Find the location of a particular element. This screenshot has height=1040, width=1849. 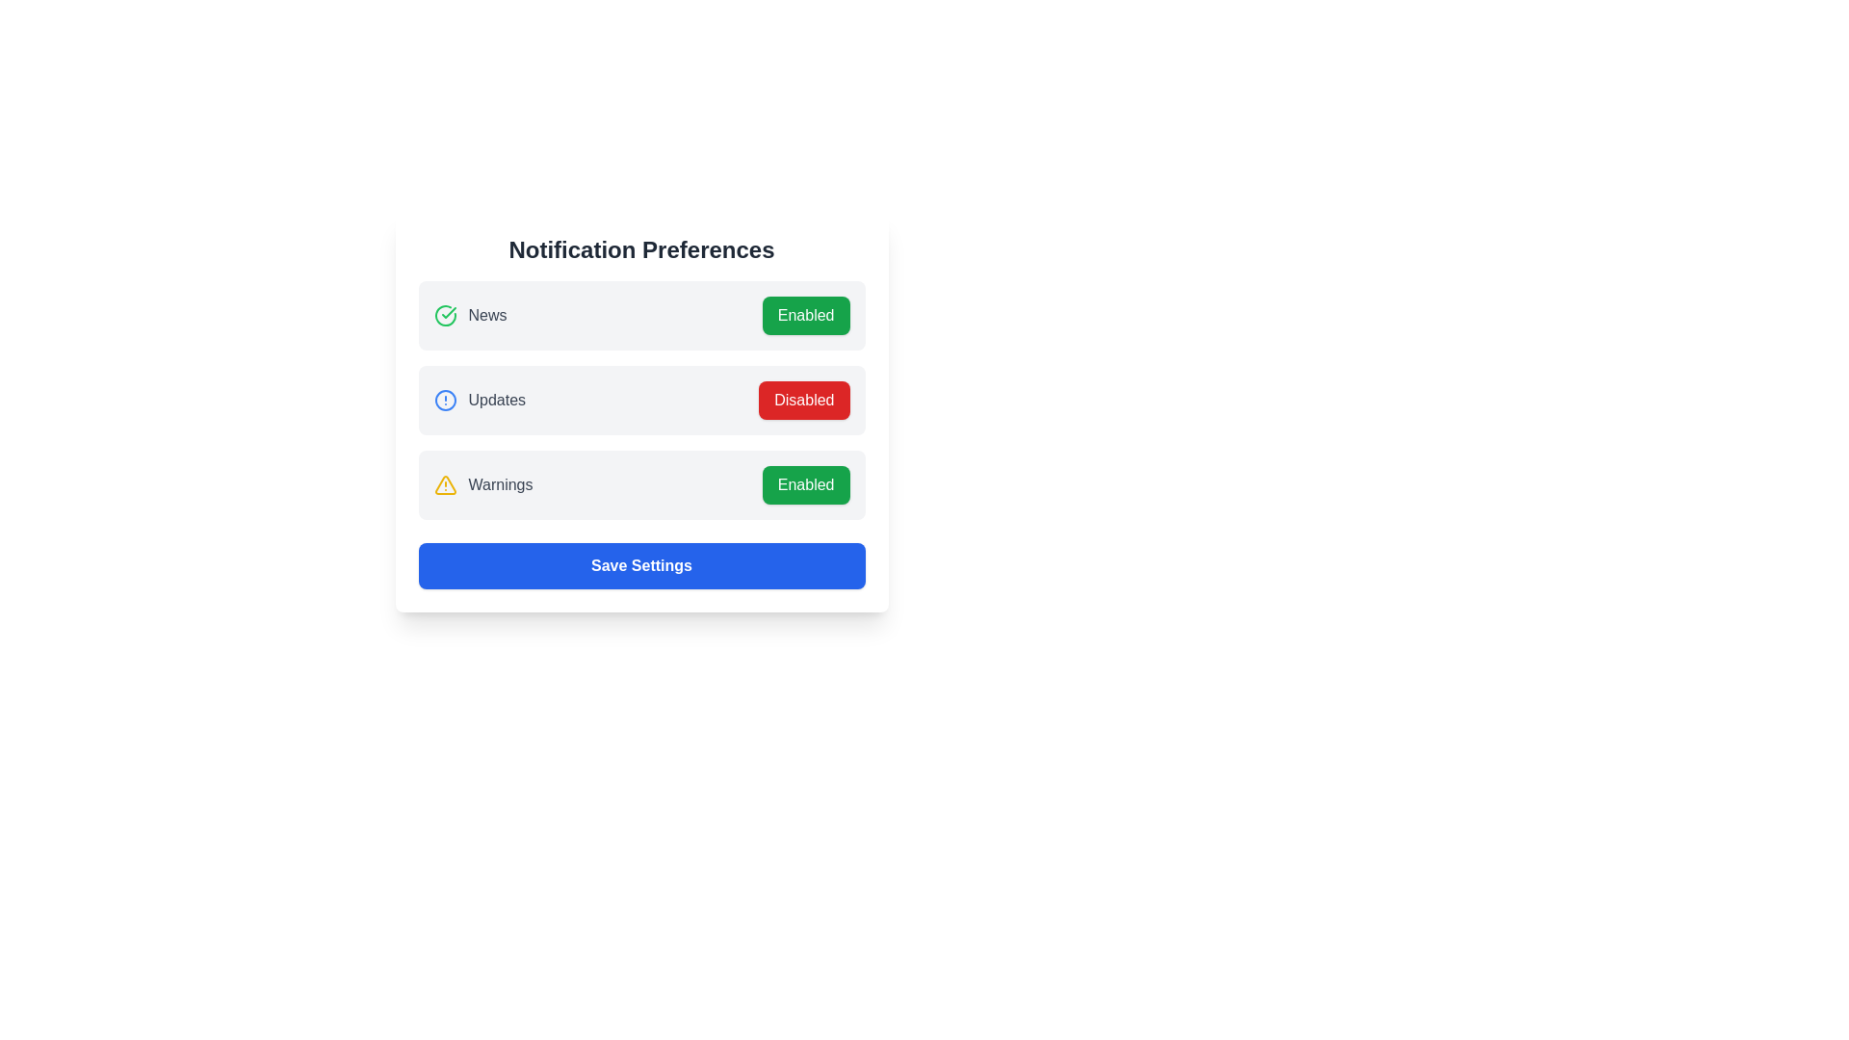

the 'Enabled' button for 'News' notifications is located at coordinates (805, 314).